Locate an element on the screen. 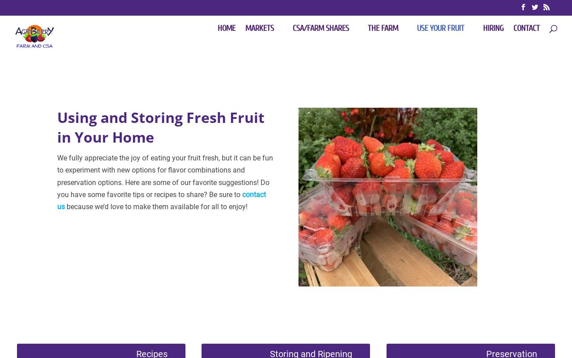 This screenshot has height=358, width=572. 'Canning and Jam Making' is located at coordinates (463, 183).